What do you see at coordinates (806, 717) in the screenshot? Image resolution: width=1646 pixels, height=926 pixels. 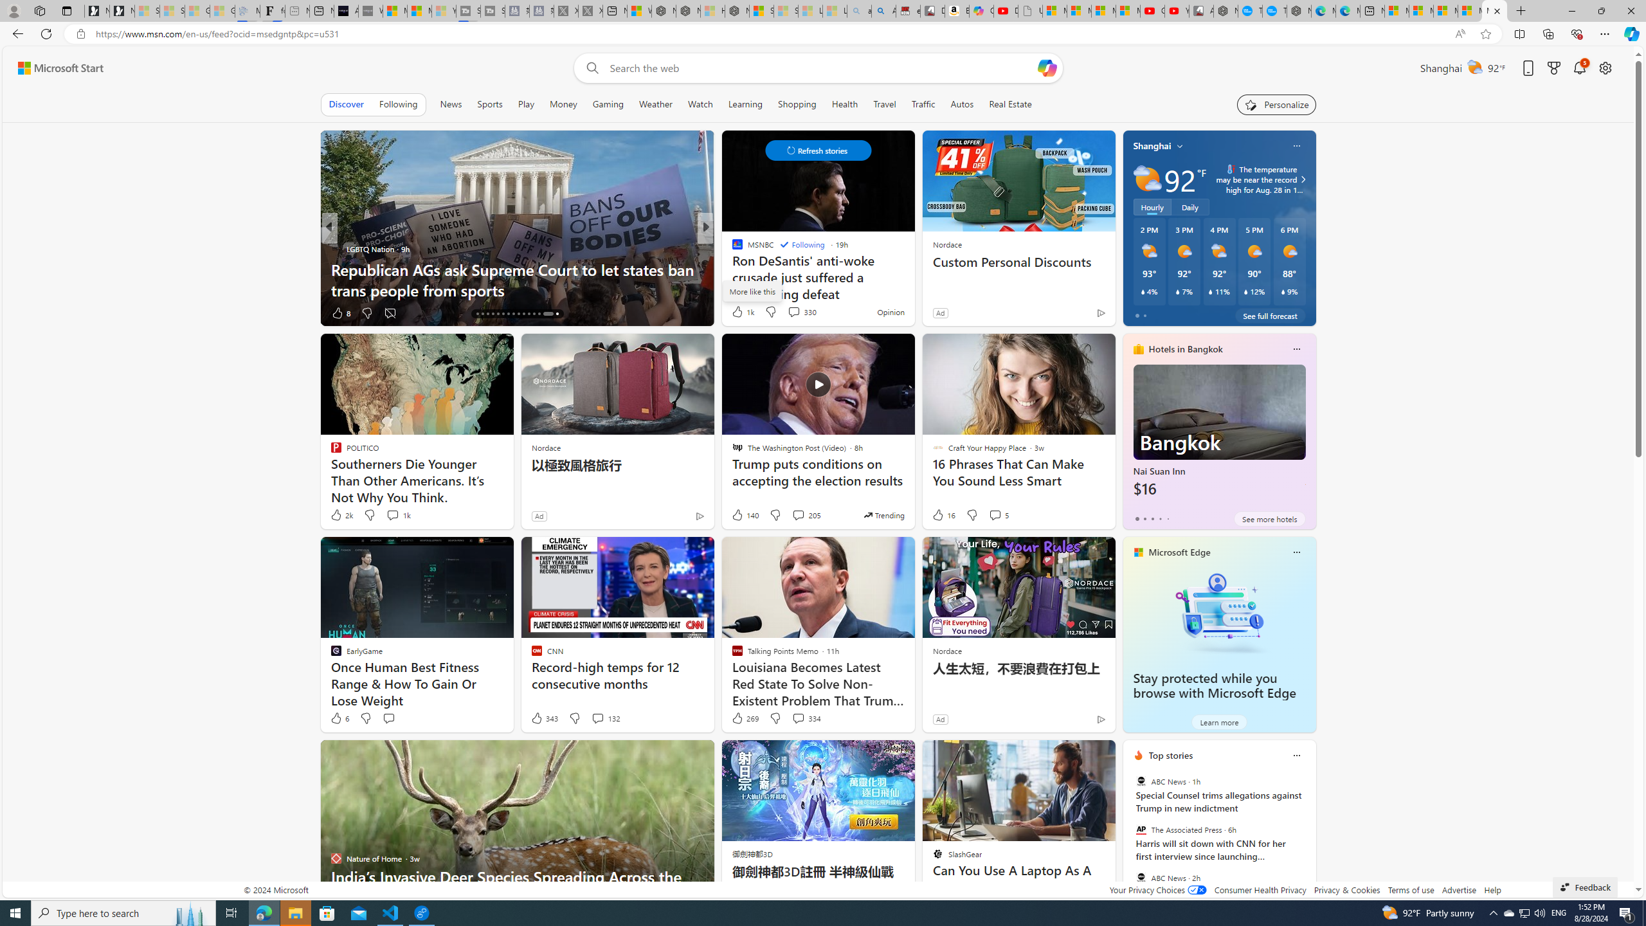 I see `'View comments 334 Comment'` at bounding box center [806, 717].